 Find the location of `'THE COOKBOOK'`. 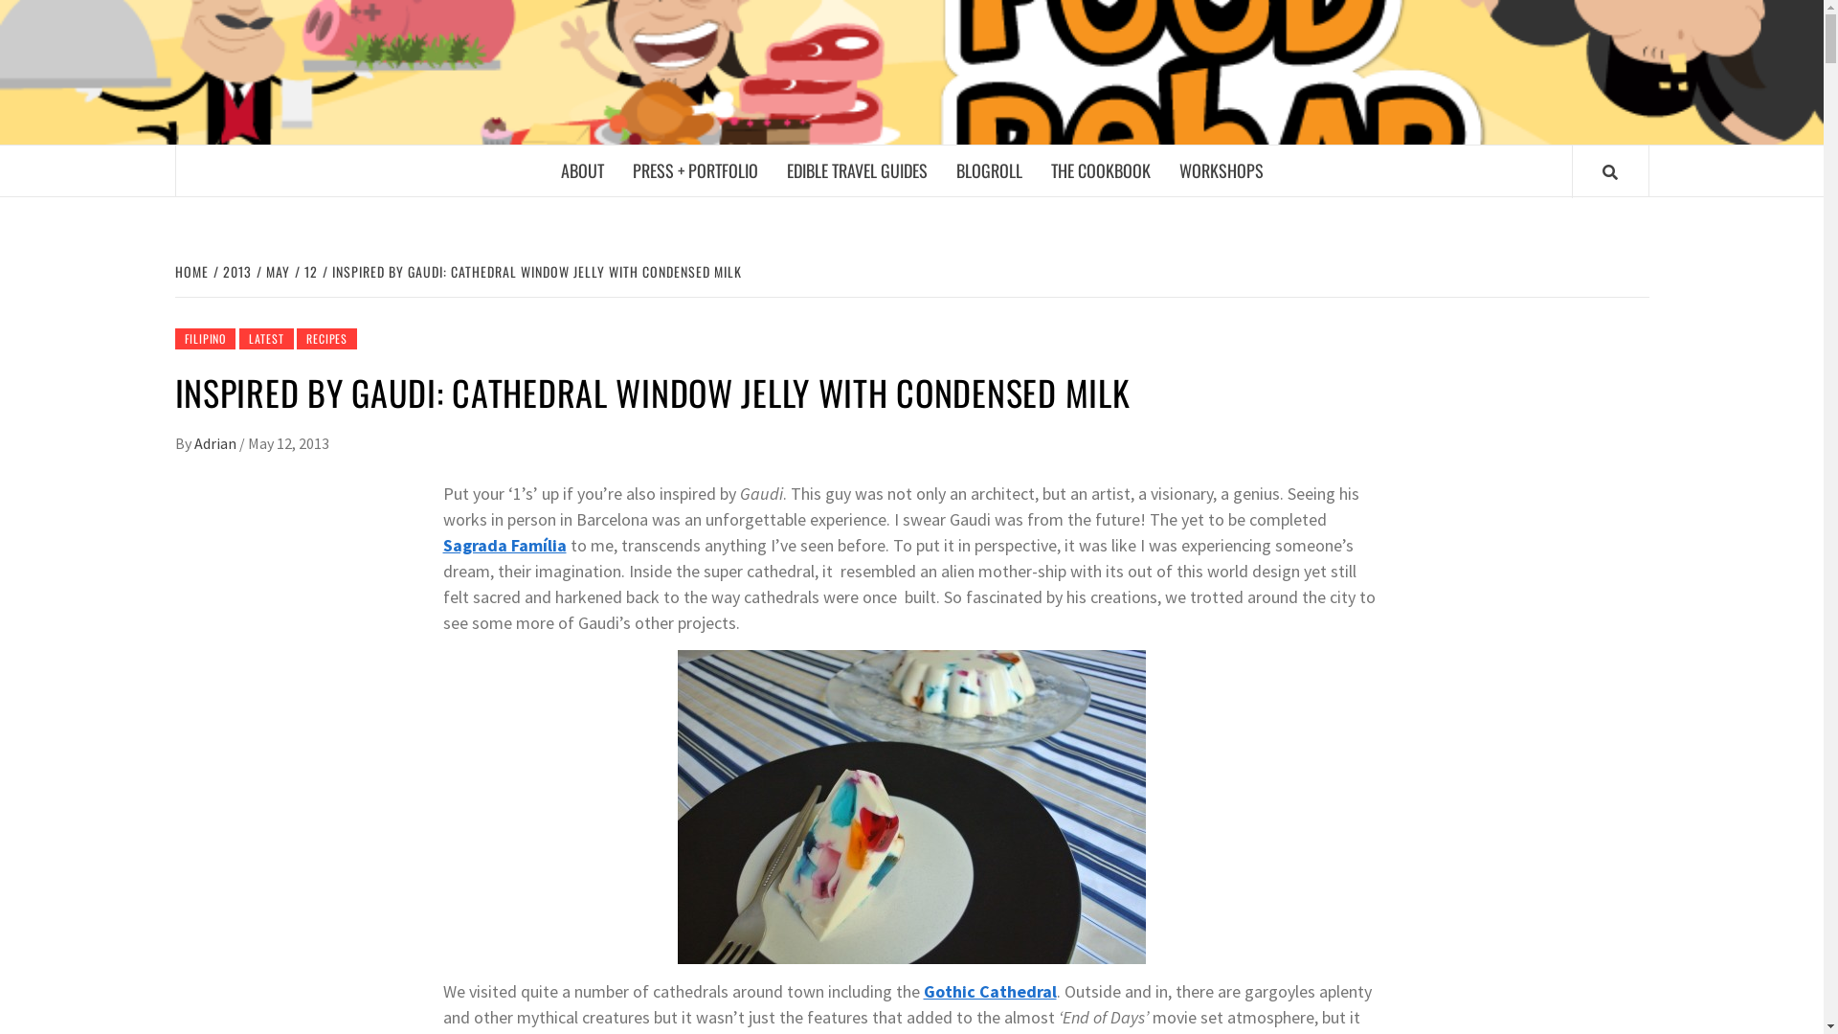

'THE COOKBOOK' is located at coordinates (1034, 169).